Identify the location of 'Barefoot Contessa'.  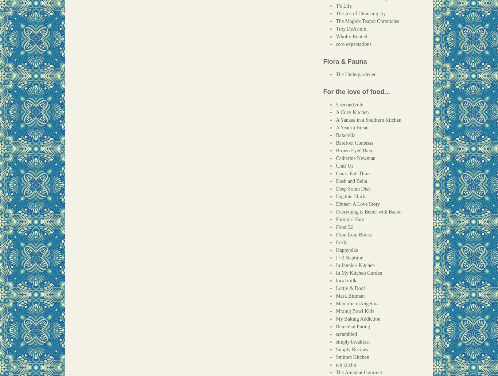
(354, 142).